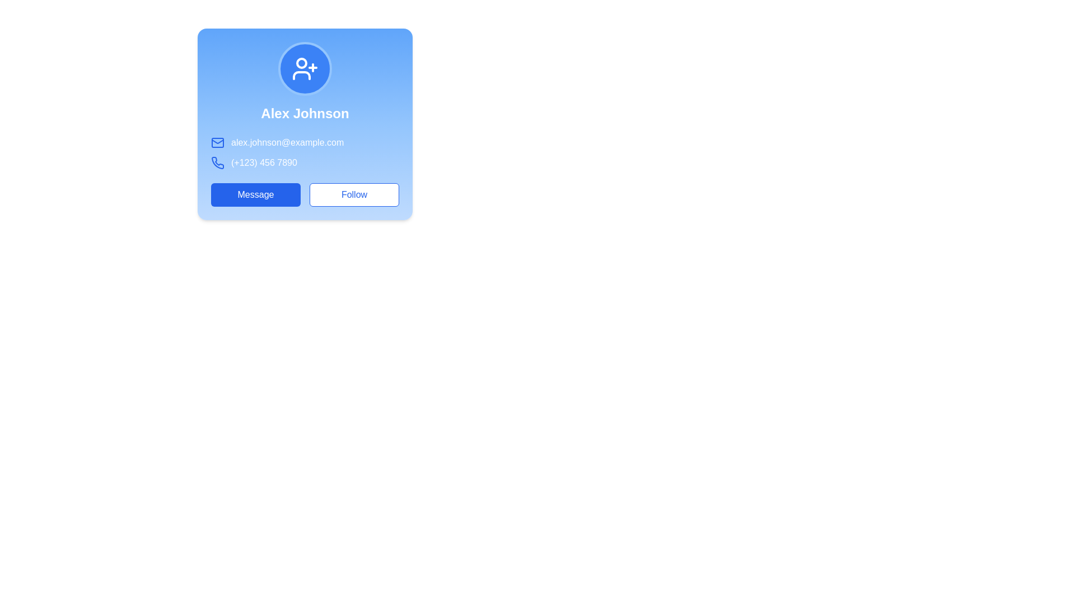 The width and height of the screenshot is (1075, 605). What do you see at coordinates (305, 69) in the screenshot?
I see `the user profile icon located above the name 'Alex Johnson' in the upper section of the card layout, which symbolizes user profile actions` at bounding box center [305, 69].